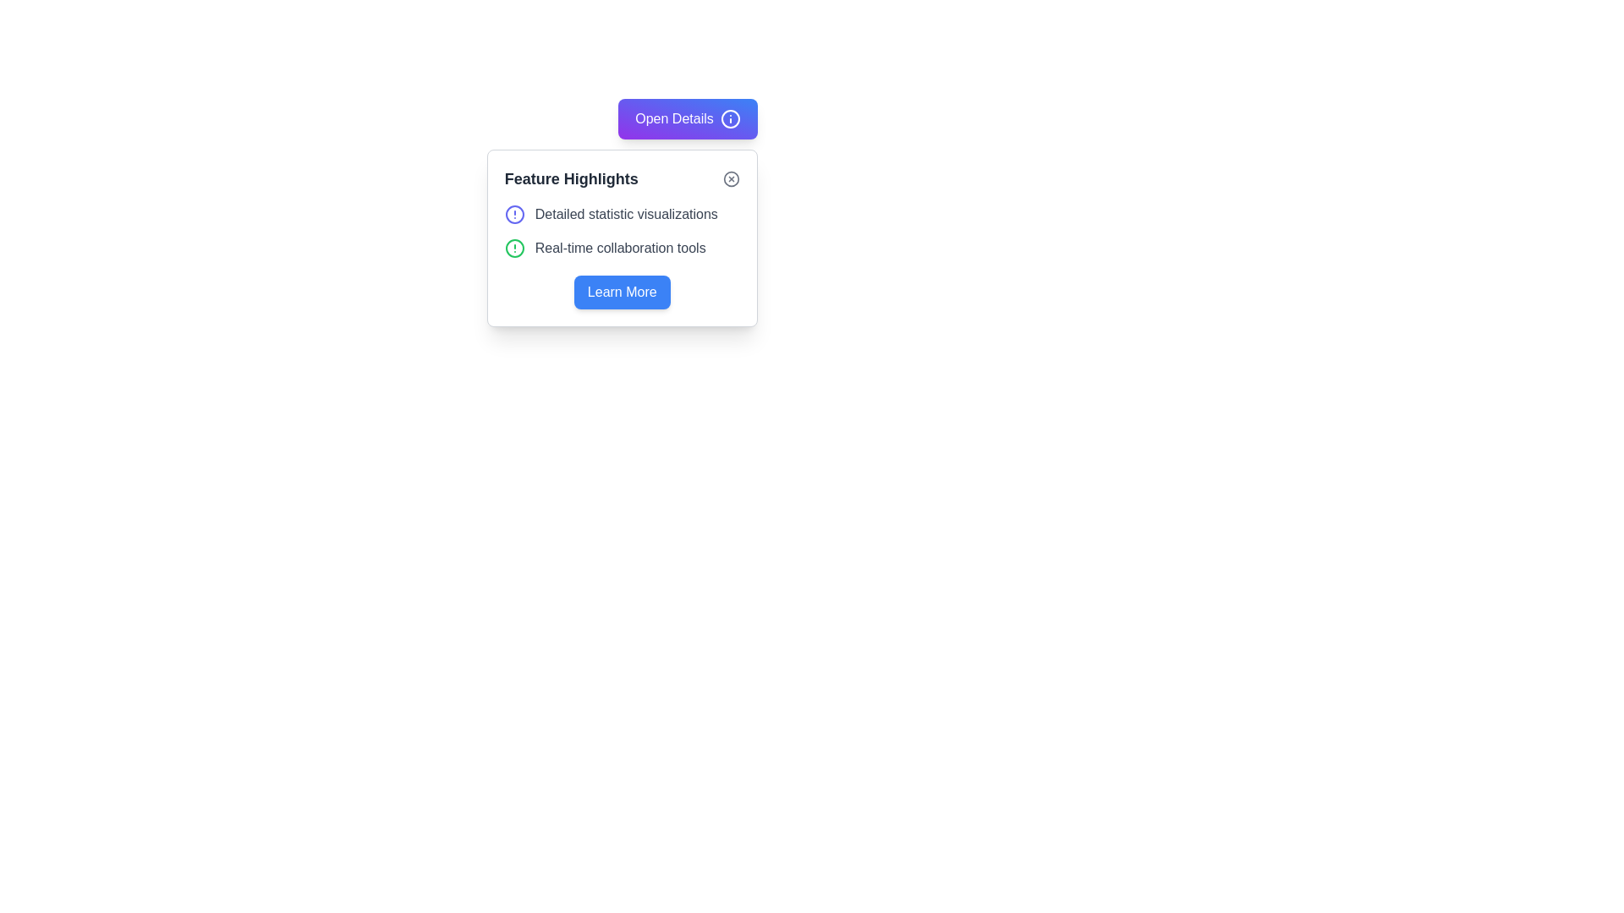  What do you see at coordinates (621, 292) in the screenshot?
I see `the bottom-most button within the white card` at bounding box center [621, 292].